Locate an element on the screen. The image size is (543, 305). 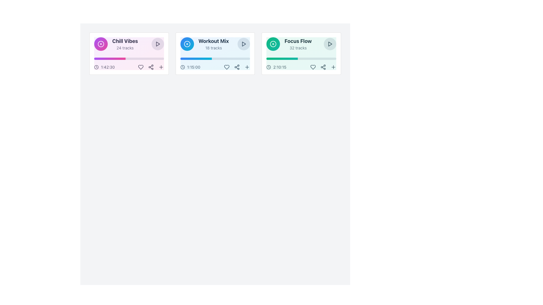
the share icon, which is represented by a network-like shape and is the second icon in the row of controls below the 'Workout Mix' card is located at coordinates (237, 67).